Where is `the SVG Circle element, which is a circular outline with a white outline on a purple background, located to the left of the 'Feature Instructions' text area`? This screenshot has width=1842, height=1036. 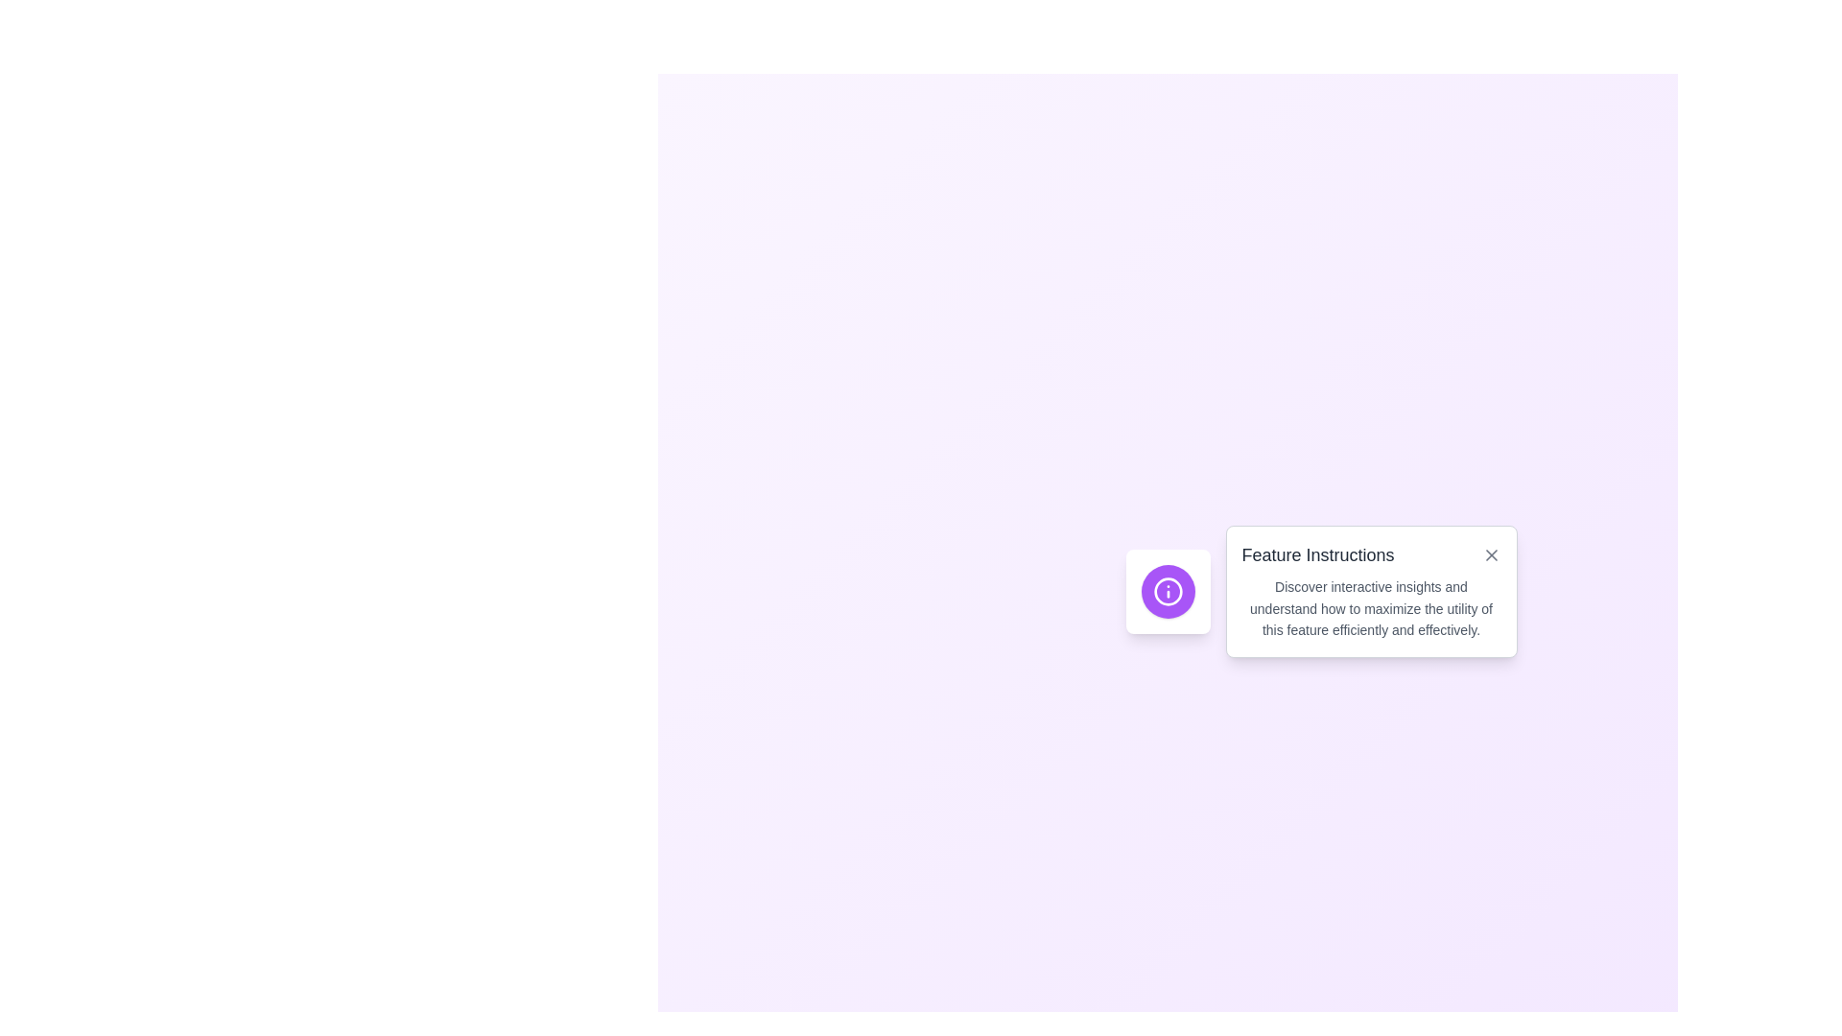 the SVG Circle element, which is a circular outline with a white outline on a purple background, located to the left of the 'Feature Instructions' text area is located at coordinates (1167, 591).